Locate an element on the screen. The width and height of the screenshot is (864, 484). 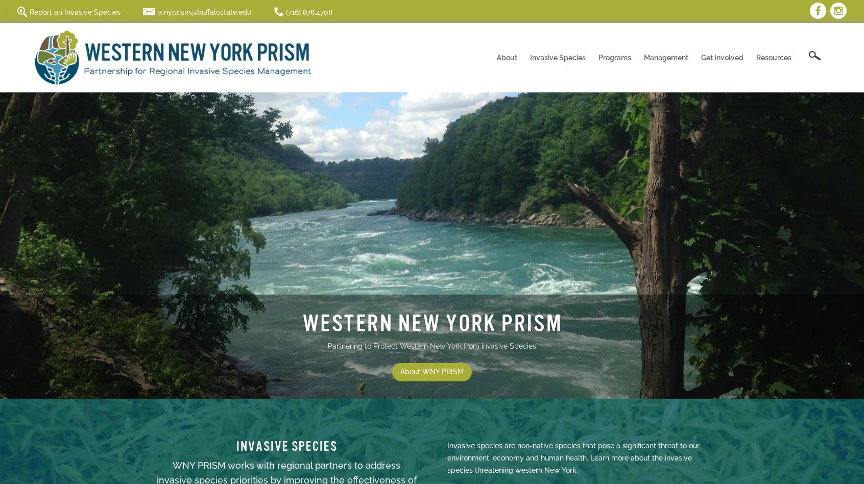
'Community Science' is located at coordinates (651, 119).